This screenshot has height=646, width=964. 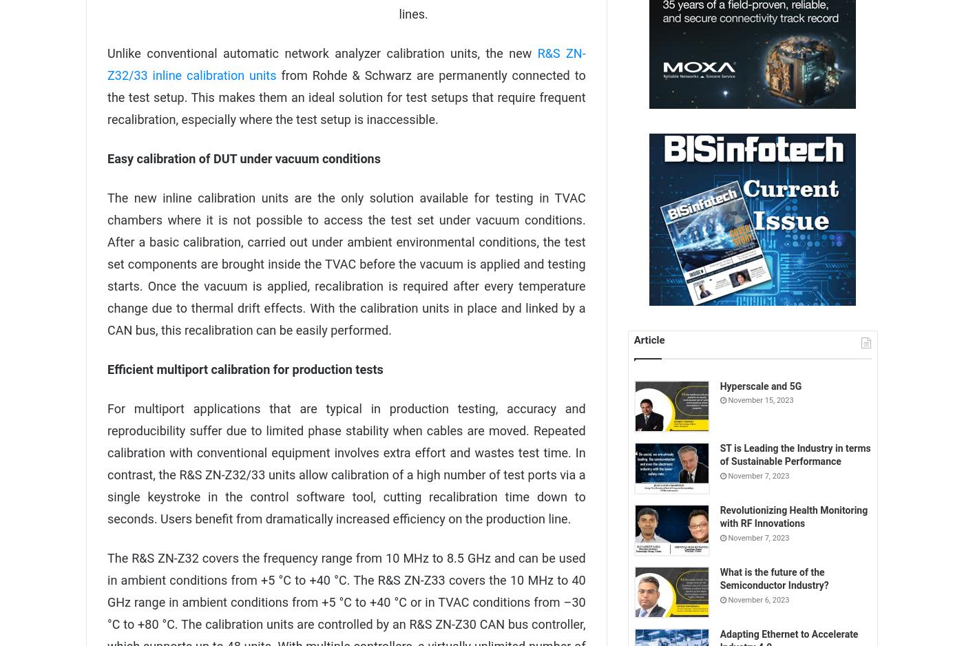 I want to click on 'For multiport applications that are typical in production testing, accuracy and reproducibility suffer due to limited phase stability when cables are moved. Repeated calibration with conventional equipment involves extra effort and wastes test time. In contrast, the R&S ZN-Z32/33 units allow calibration of a high number of test ports via a single keystroke in the control software tool, cutting recalibration time down to seconds. Users benefit from dramatically increased efficiency on the production line.', so click(x=346, y=463).